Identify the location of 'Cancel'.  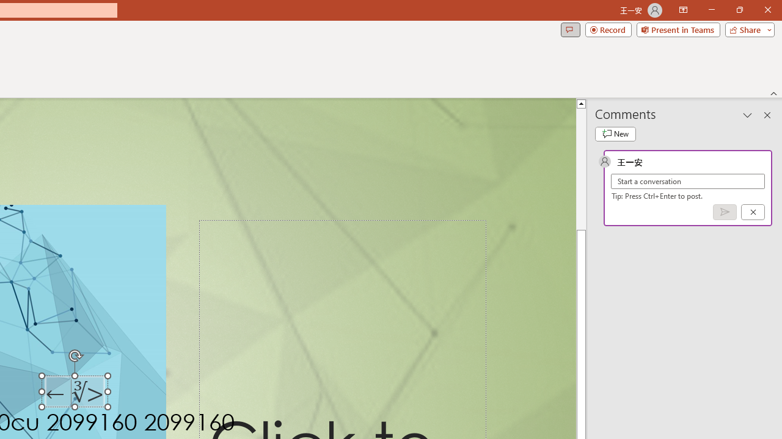
(752, 211).